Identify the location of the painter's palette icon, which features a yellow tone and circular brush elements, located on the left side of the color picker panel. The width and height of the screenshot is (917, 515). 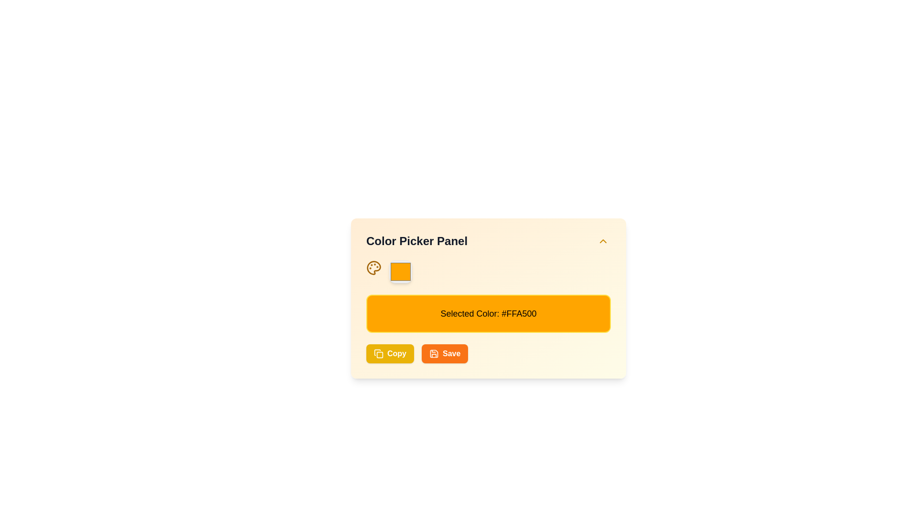
(373, 268).